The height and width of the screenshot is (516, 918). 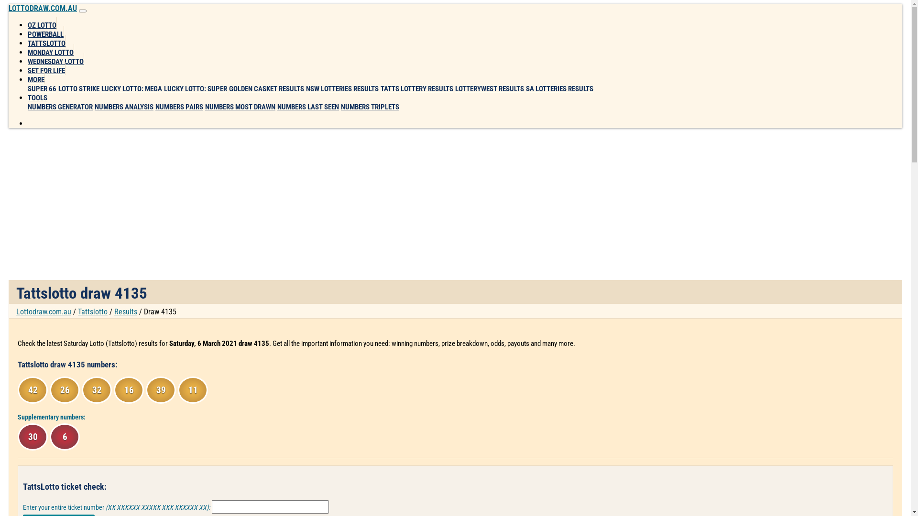 What do you see at coordinates (50, 50) in the screenshot?
I see `'MONDAY LOTTO'` at bounding box center [50, 50].